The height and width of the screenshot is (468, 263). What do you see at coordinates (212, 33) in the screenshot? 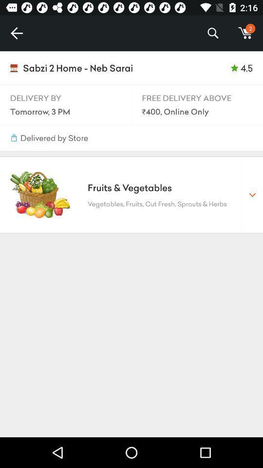
I see `the item next to m icon` at bounding box center [212, 33].